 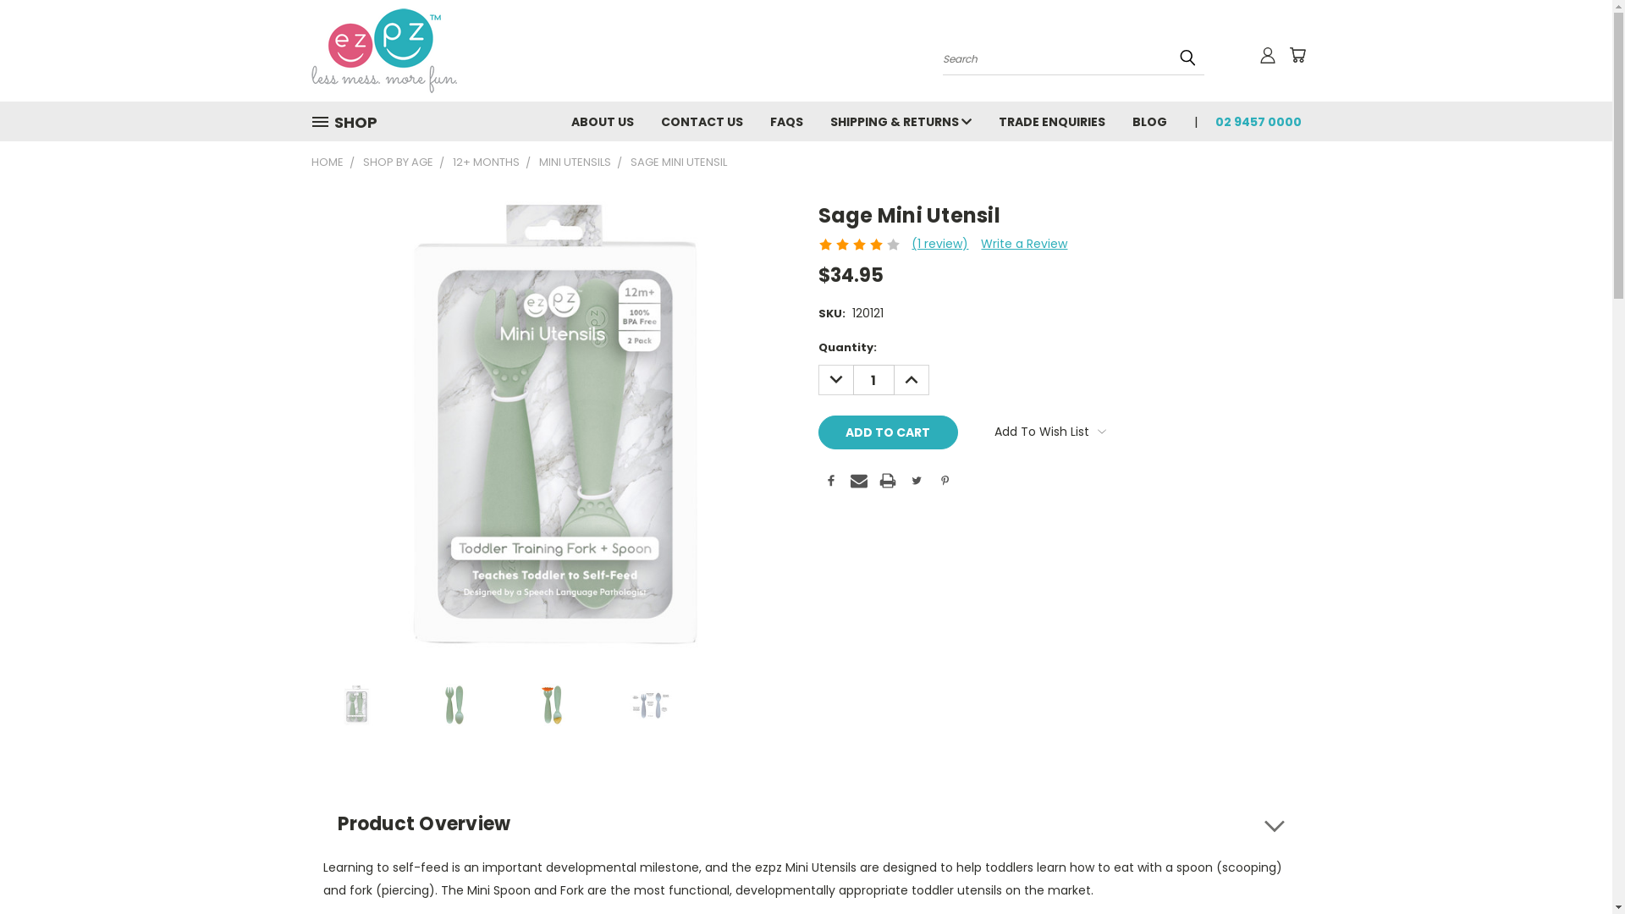 I want to click on 'DECREASE QUANTITY:', so click(x=817, y=378).